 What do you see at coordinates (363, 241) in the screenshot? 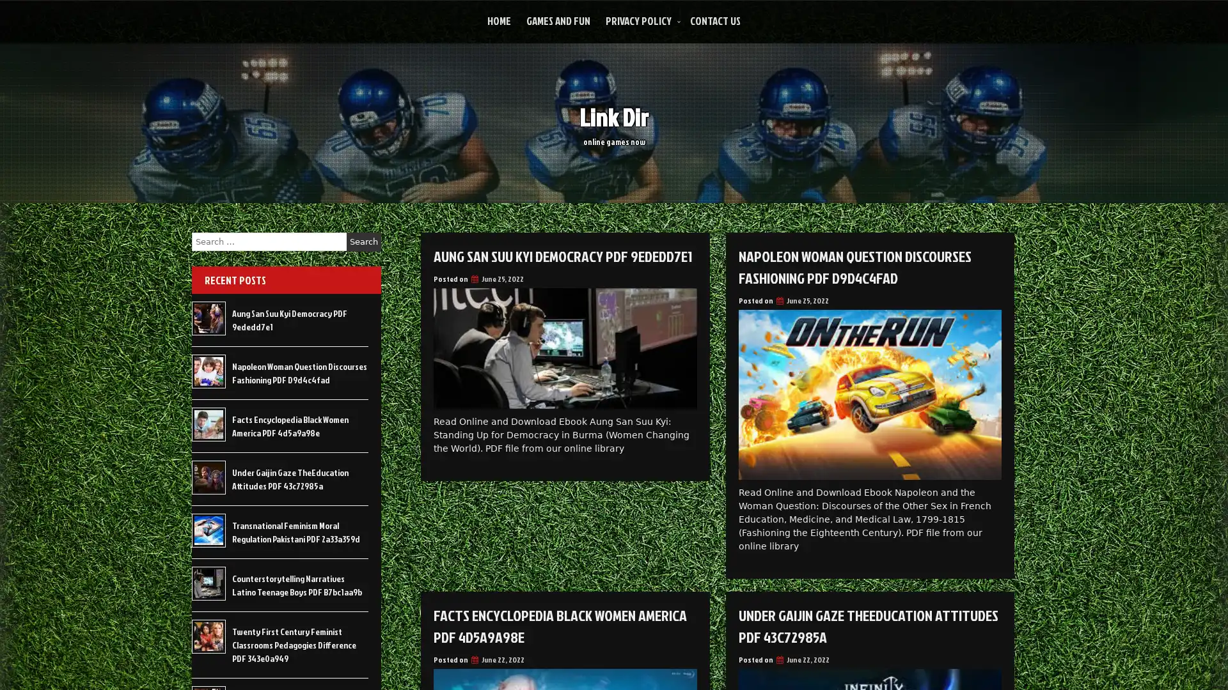
I see `Search` at bounding box center [363, 241].